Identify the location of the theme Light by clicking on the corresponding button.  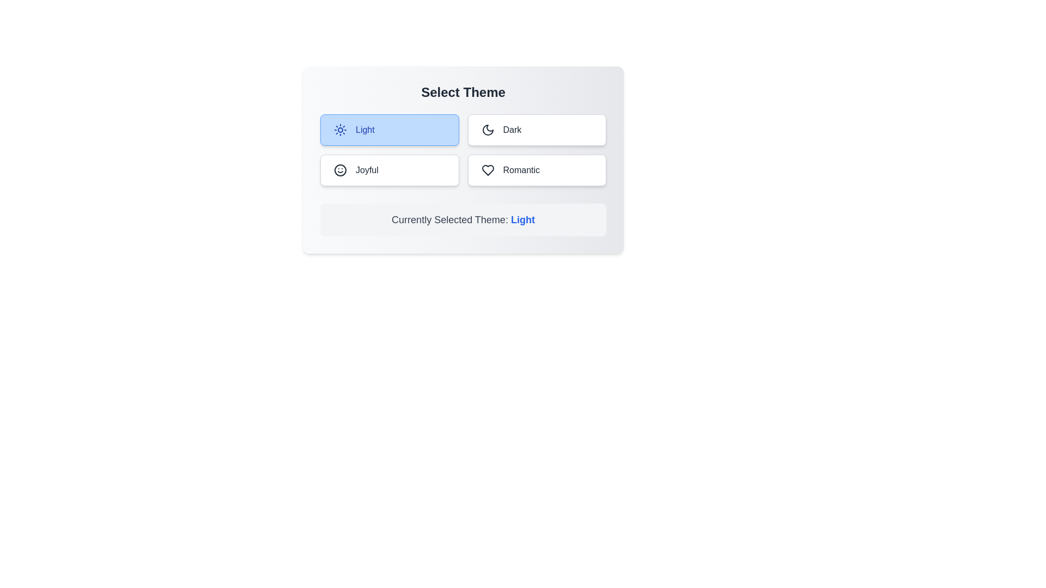
(390, 130).